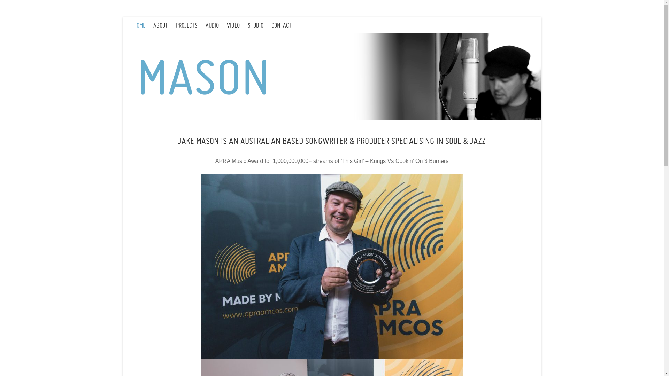  What do you see at coordinates (190, 25) in the screenshot?
I see `'PROJECTS'` at bounding box center [190, 25].